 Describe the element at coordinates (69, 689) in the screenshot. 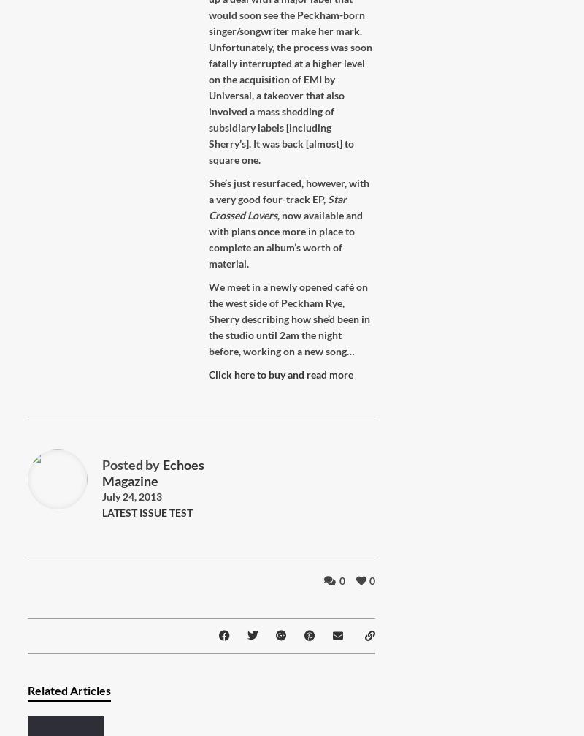

I see `'Related Articles'` at that location.